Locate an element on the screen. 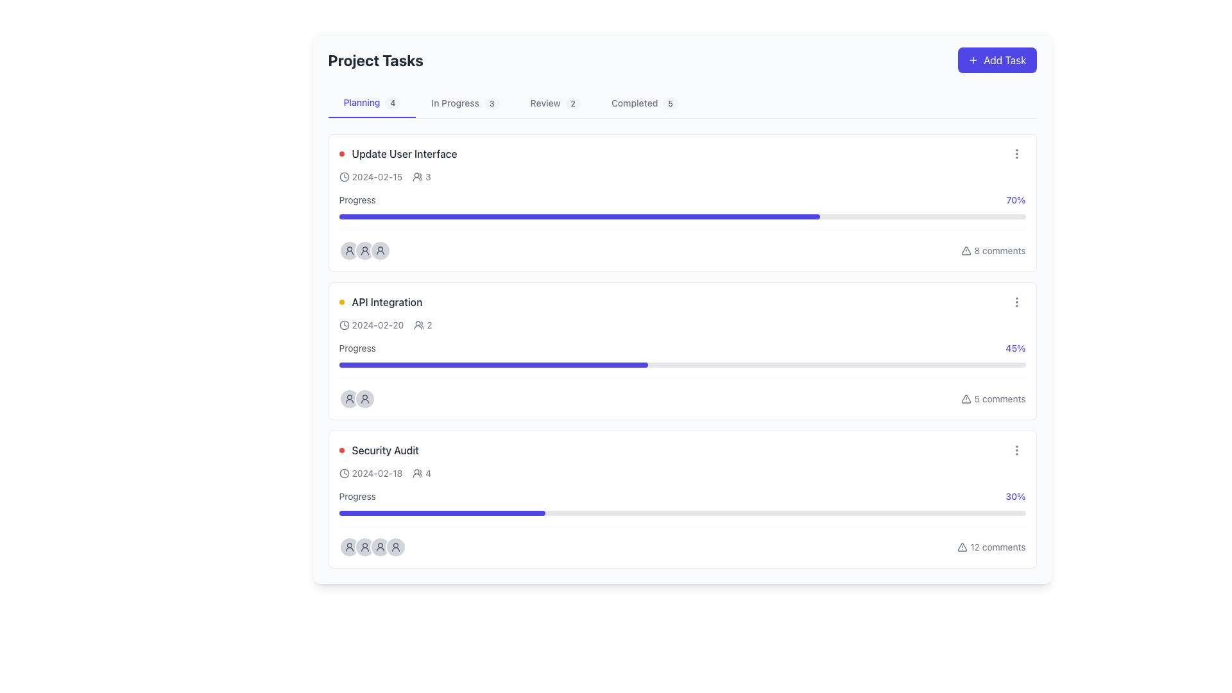 This screenshot has height=693, width=1232. warning icon associated with the '12 comments' informational text located at the bottom-right corner of the 'Security Audit' task card is located at coordinates (991, 547).